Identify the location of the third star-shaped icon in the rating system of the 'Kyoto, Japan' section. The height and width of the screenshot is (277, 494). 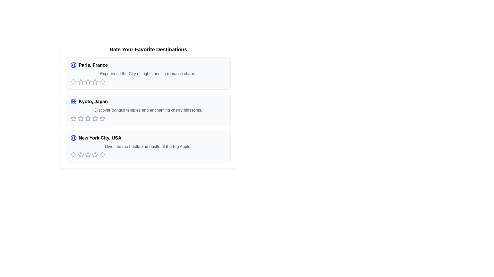
(80, 118).